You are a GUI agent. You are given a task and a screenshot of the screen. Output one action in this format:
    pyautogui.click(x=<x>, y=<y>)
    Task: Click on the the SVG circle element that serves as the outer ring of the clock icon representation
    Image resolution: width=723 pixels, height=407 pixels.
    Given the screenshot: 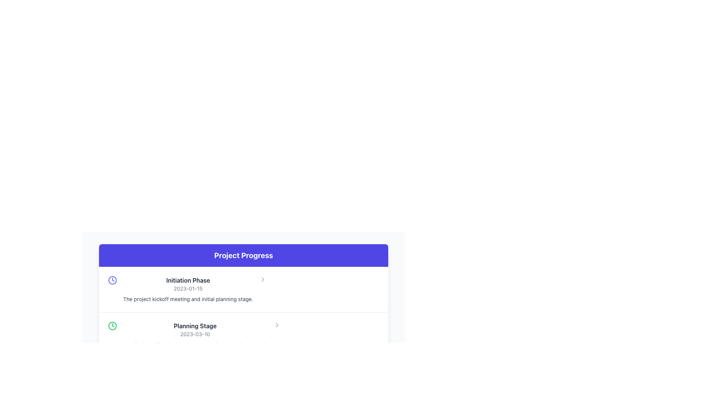 What is the action you would take?
    pyautogui.click(x=112, y=280)
    